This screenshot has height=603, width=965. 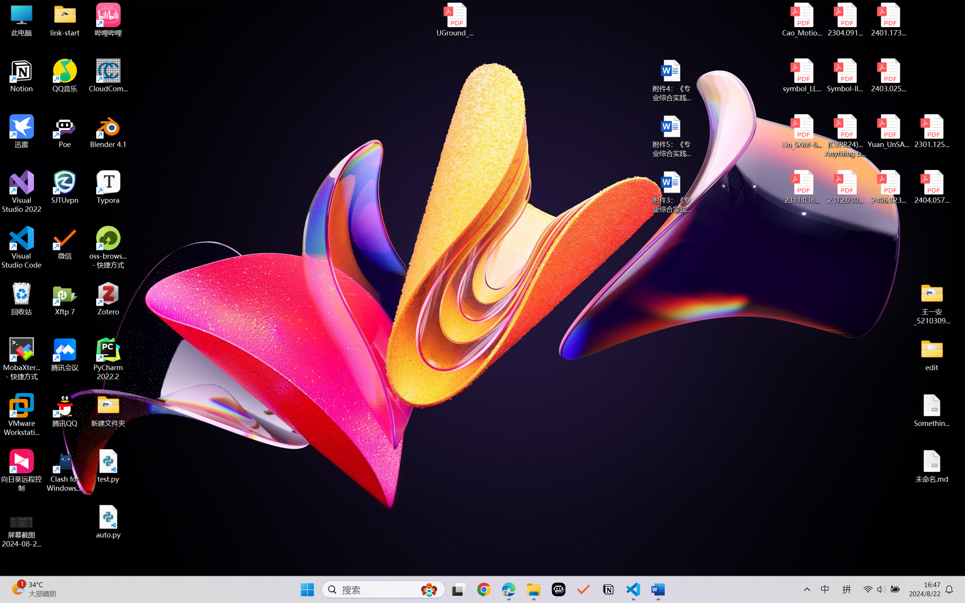 What do you see at coordinates (109, 13) in the screenshot?
I see `'Undo Apply Quick Style'` at bounding box center [109, 13].